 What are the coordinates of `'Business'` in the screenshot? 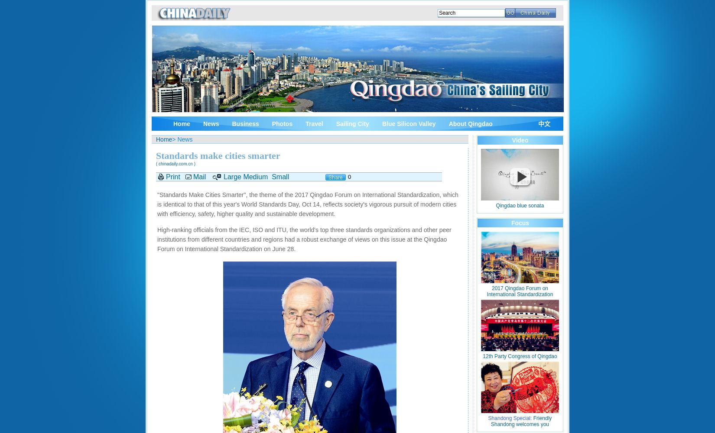 It's located at (244, 124).